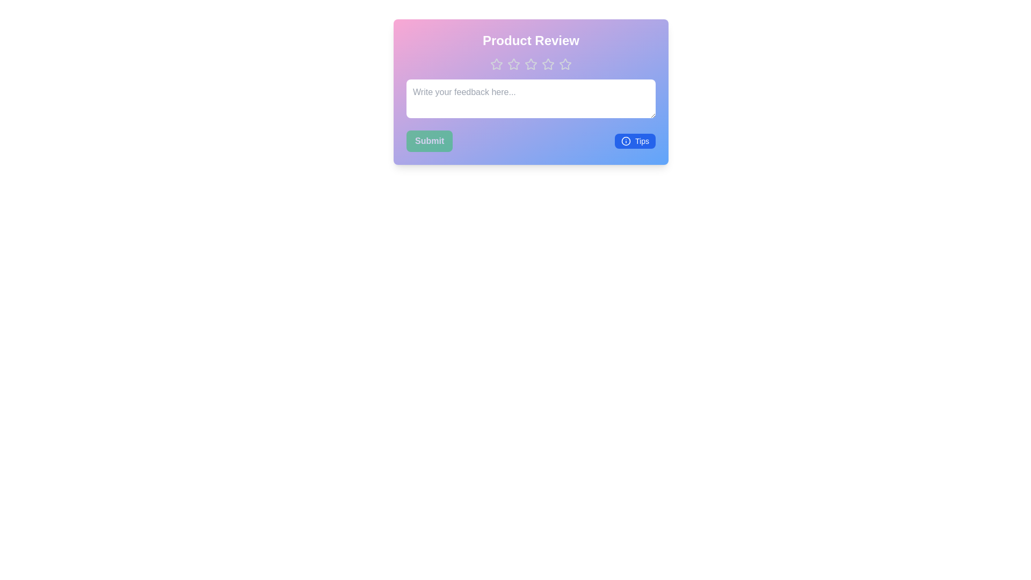 This screenshot has height=580, width=1031. What do you see at coordinates (430, 140) in the screenshot?
I see `the 'Submit' button to submit the review` at bounding box center [430, 140].